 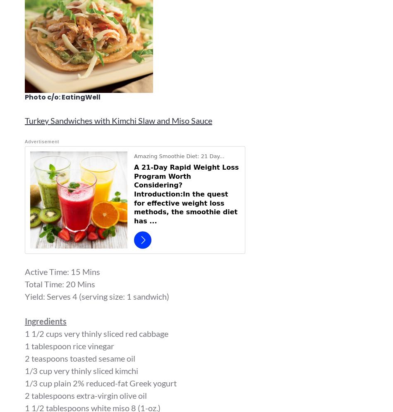 I want to click on '1 tablespoon rice vinegar', so click(x=25, y=346).